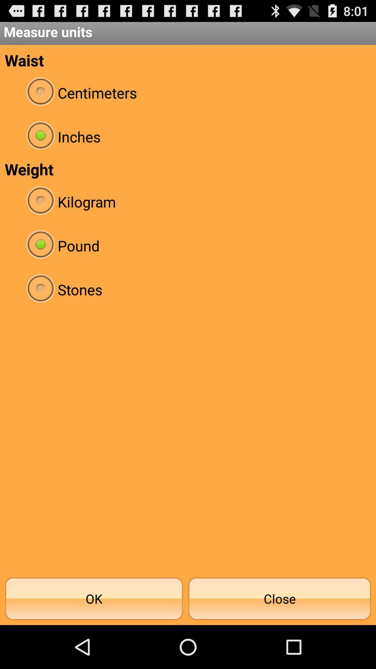 Image resolution: width=376 pixels, height=669 pixels. Describe the element at coordinates (188, 201) in the screenshot. I see `app below weight item` at that location.